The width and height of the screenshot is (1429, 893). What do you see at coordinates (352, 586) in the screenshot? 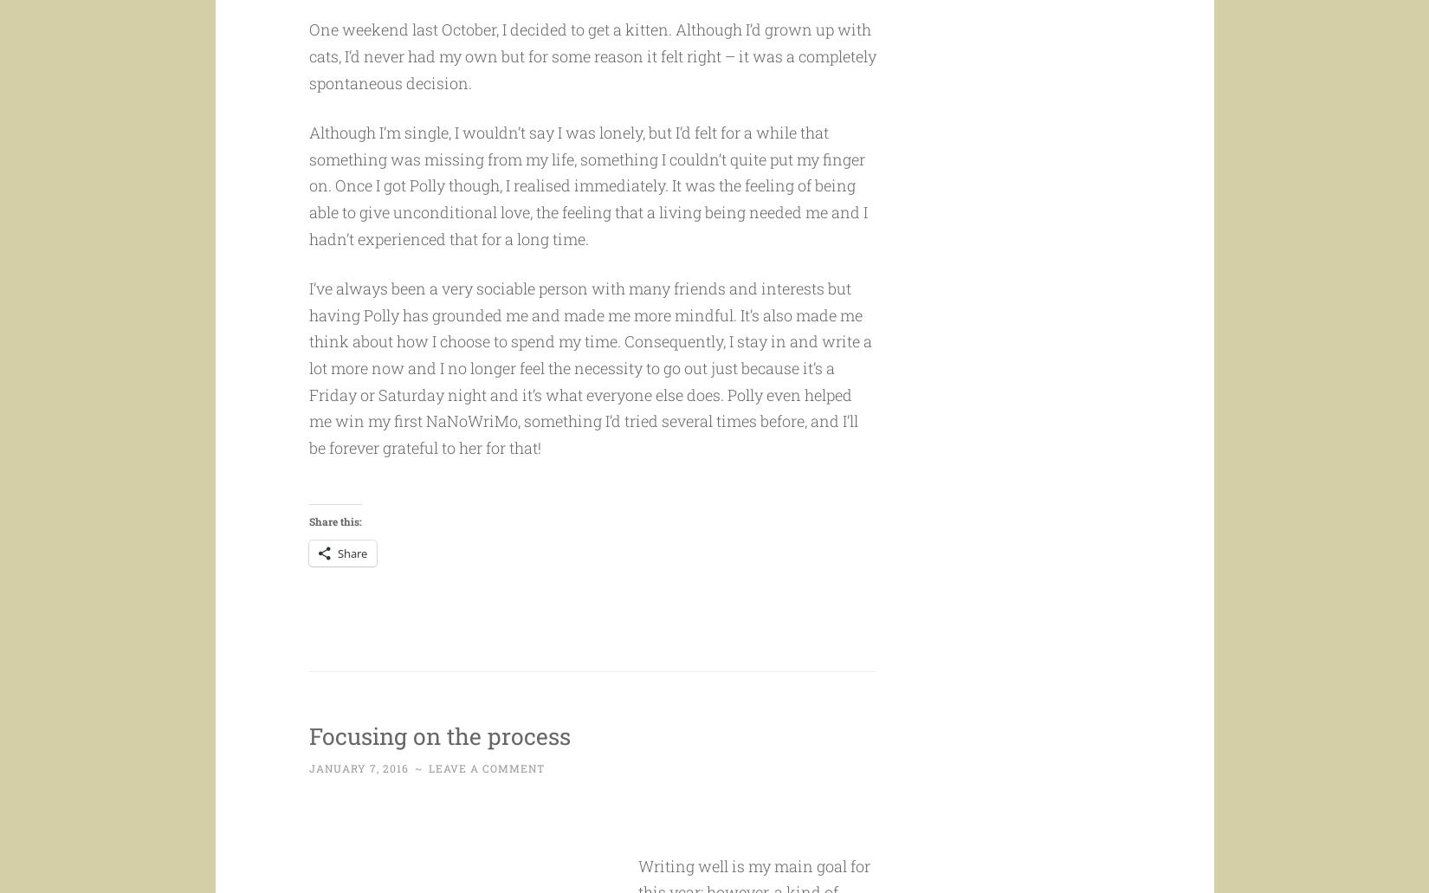
I see `'Share'` at bounding box center [352, 586].